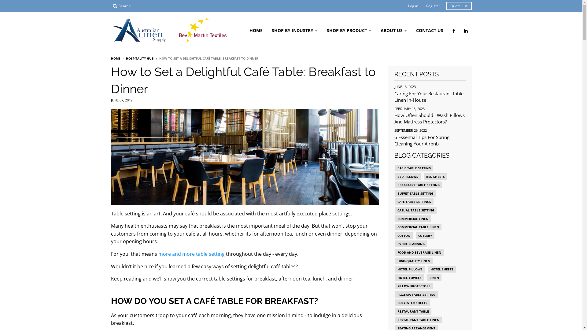 The height and width of the screenshot is (330, 587). Describe the element at coordinates (429, 31) in the screenshot. I see `'CONTACT US'` at that location.